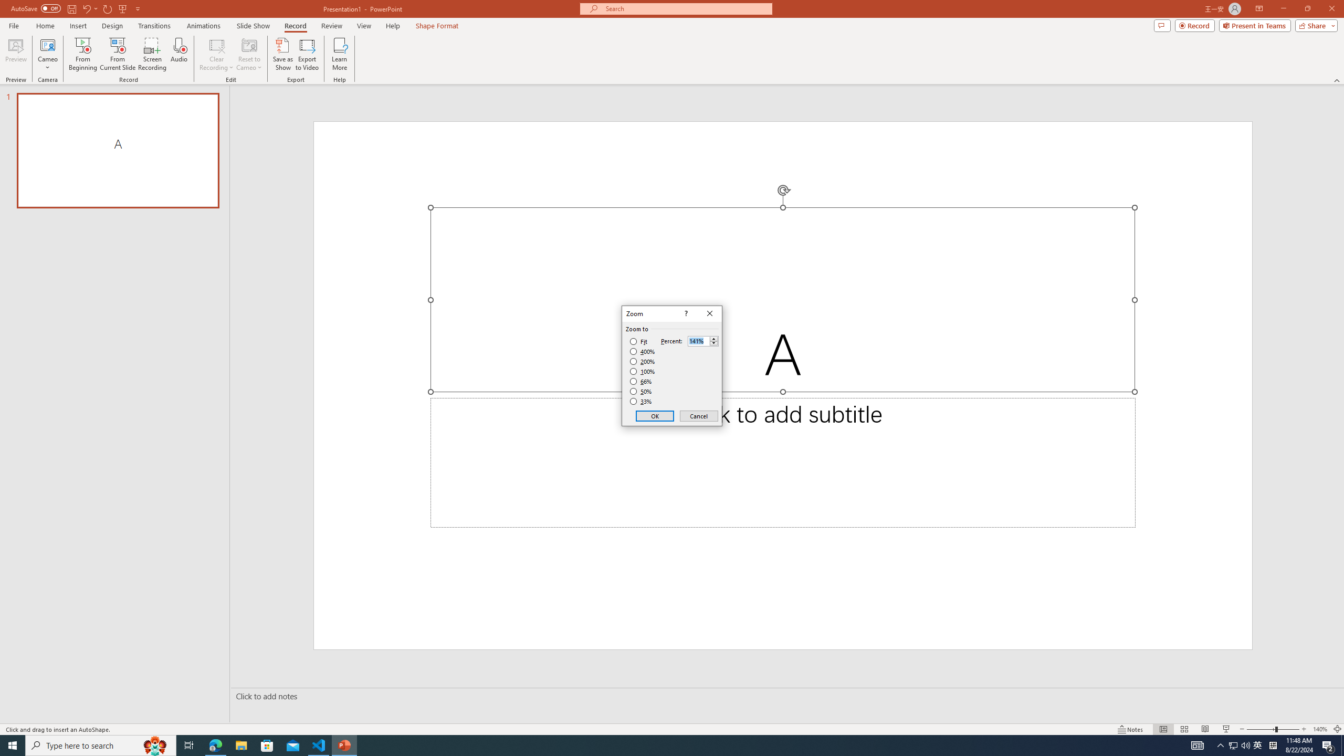 The width and height of the screenshot is (1344, 756). Describe the element at coordinates (642, 381) in the screenshot. I see `'66%'` at that location.